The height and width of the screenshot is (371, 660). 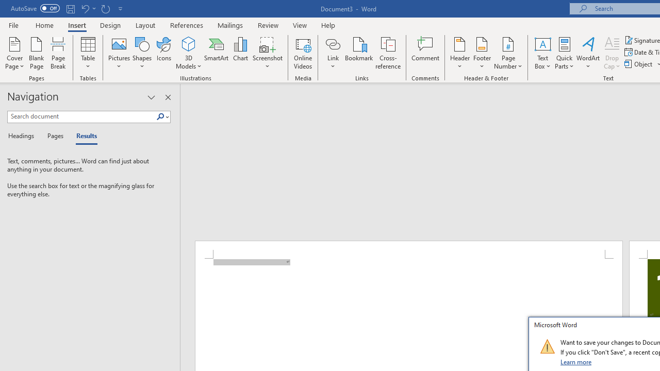 What do you see at coordinates (459, 53) in the screenshot?
I see `'Header'` at bounding box center [459, 53].